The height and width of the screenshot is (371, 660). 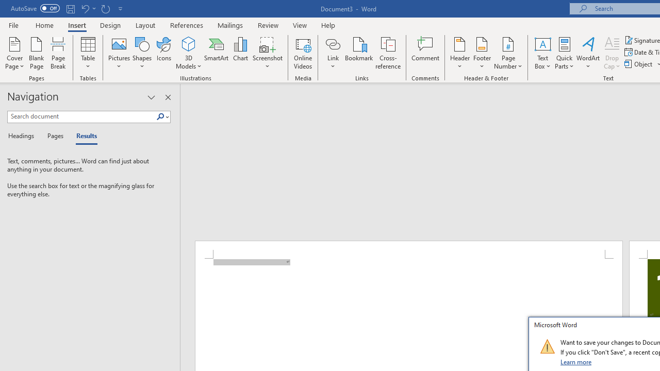 What do you see at coordinates (459, 53) in the screenshot?
I see `'Header'` at bounding box center [459, 53].